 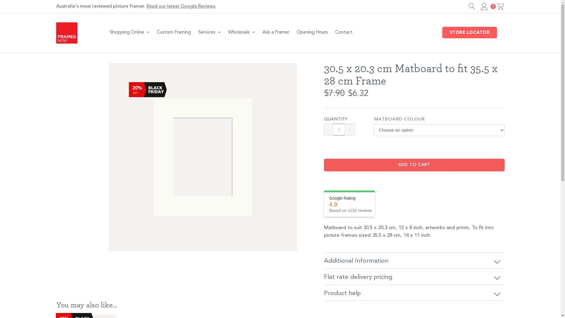 I want to click on 'Shopping Online', so click(x=129, y=32).